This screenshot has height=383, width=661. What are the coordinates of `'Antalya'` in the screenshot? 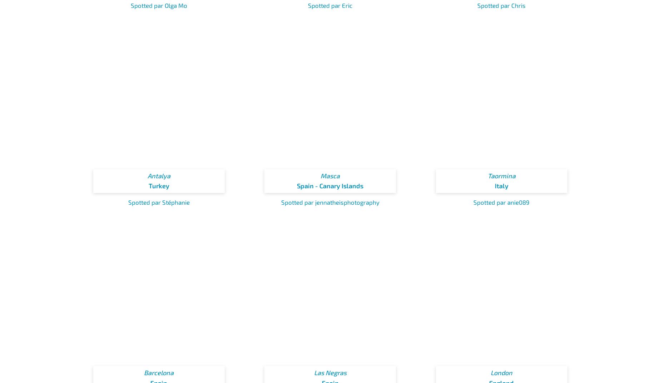 It's located at (158, 175).